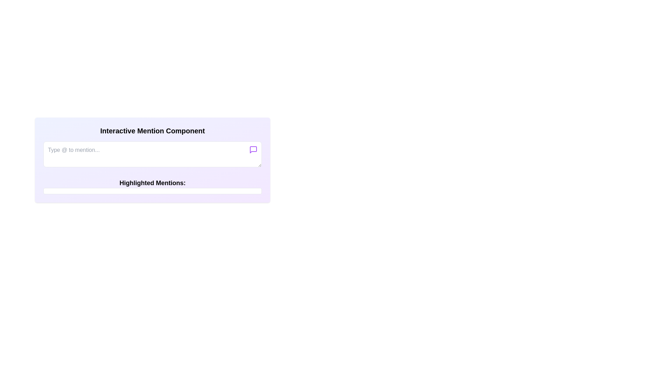 This screenshot has width=672, height=378. What do you see at coordinates (253, 149) in the screenshot?
I see `the purple chat bubble icon outlined in a darker shade of purple located at the top-right corner of the input box in the Interactive Mention Component` at bounding box center [253, 149].